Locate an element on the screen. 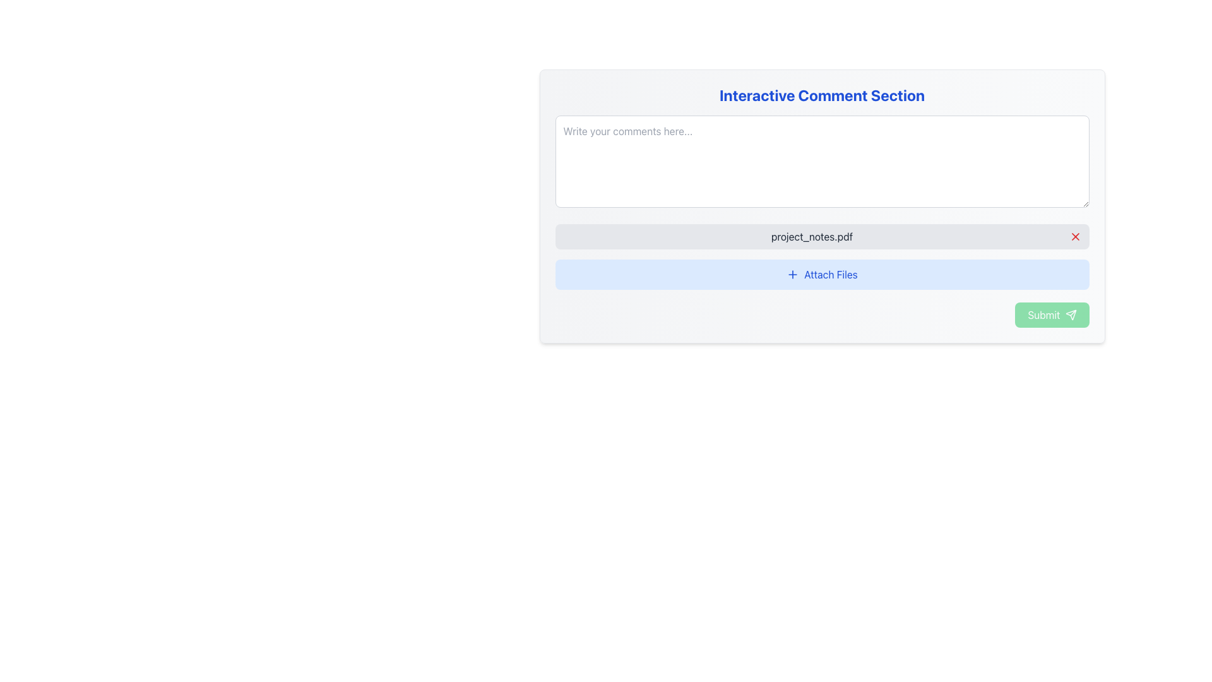 This screenshot has height=682, width=1212. the plus icon located within the 'Attach Files' button is located at coordinates (792, 274).